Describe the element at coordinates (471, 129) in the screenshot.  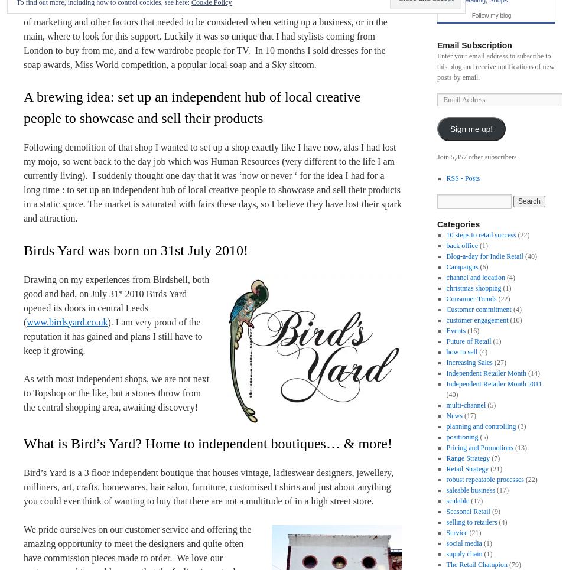
I see `'Sign me up!'` at that location.